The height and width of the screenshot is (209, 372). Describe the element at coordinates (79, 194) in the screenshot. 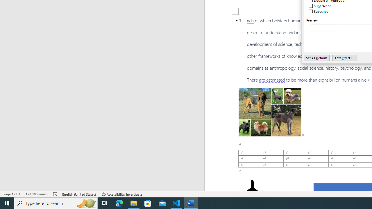

I see `'Language English (United States)'` at that location.